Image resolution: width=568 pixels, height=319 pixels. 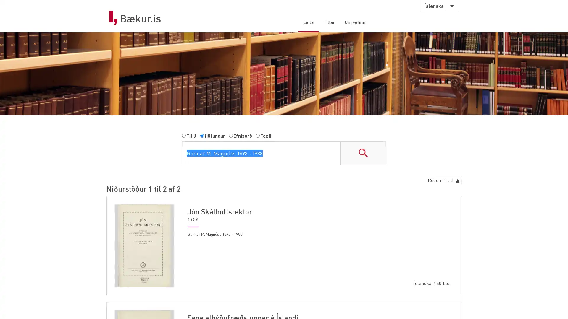 What do you see at coordinates (363, 154) in the screenshot?
I see `search` at bounding box center [363, 154].